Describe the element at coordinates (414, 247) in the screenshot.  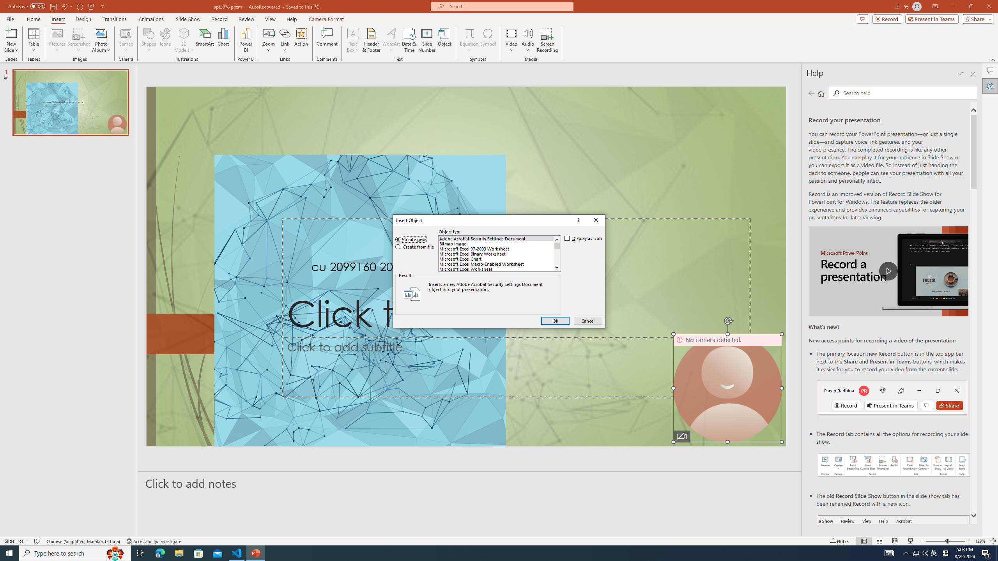
I see `'Create from file'` at that location.